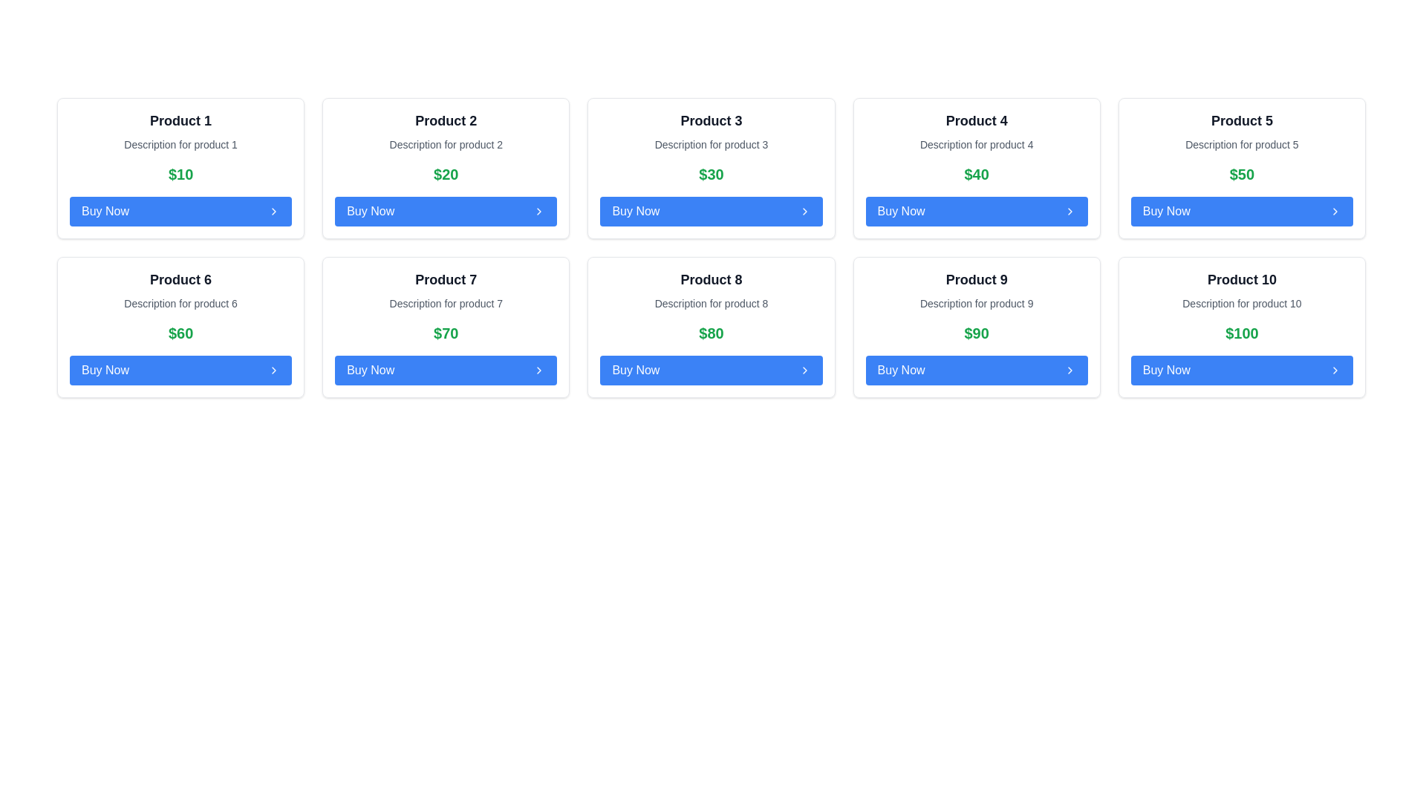 This screenshot has width=1426, height=802. What do you see at coordinates (180, 302) in the screenshot?
I see `the text label that reads 'Description for product 6', which is located beneath the 'Product 6' heading in the grid layout` at bounding box center [180, 302].